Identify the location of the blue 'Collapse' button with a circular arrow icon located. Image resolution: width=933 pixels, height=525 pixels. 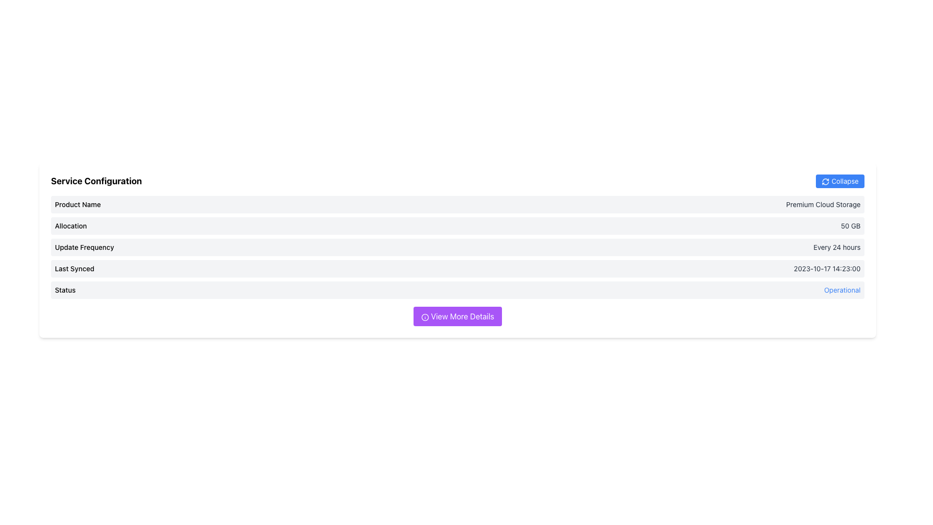
(840, 181).